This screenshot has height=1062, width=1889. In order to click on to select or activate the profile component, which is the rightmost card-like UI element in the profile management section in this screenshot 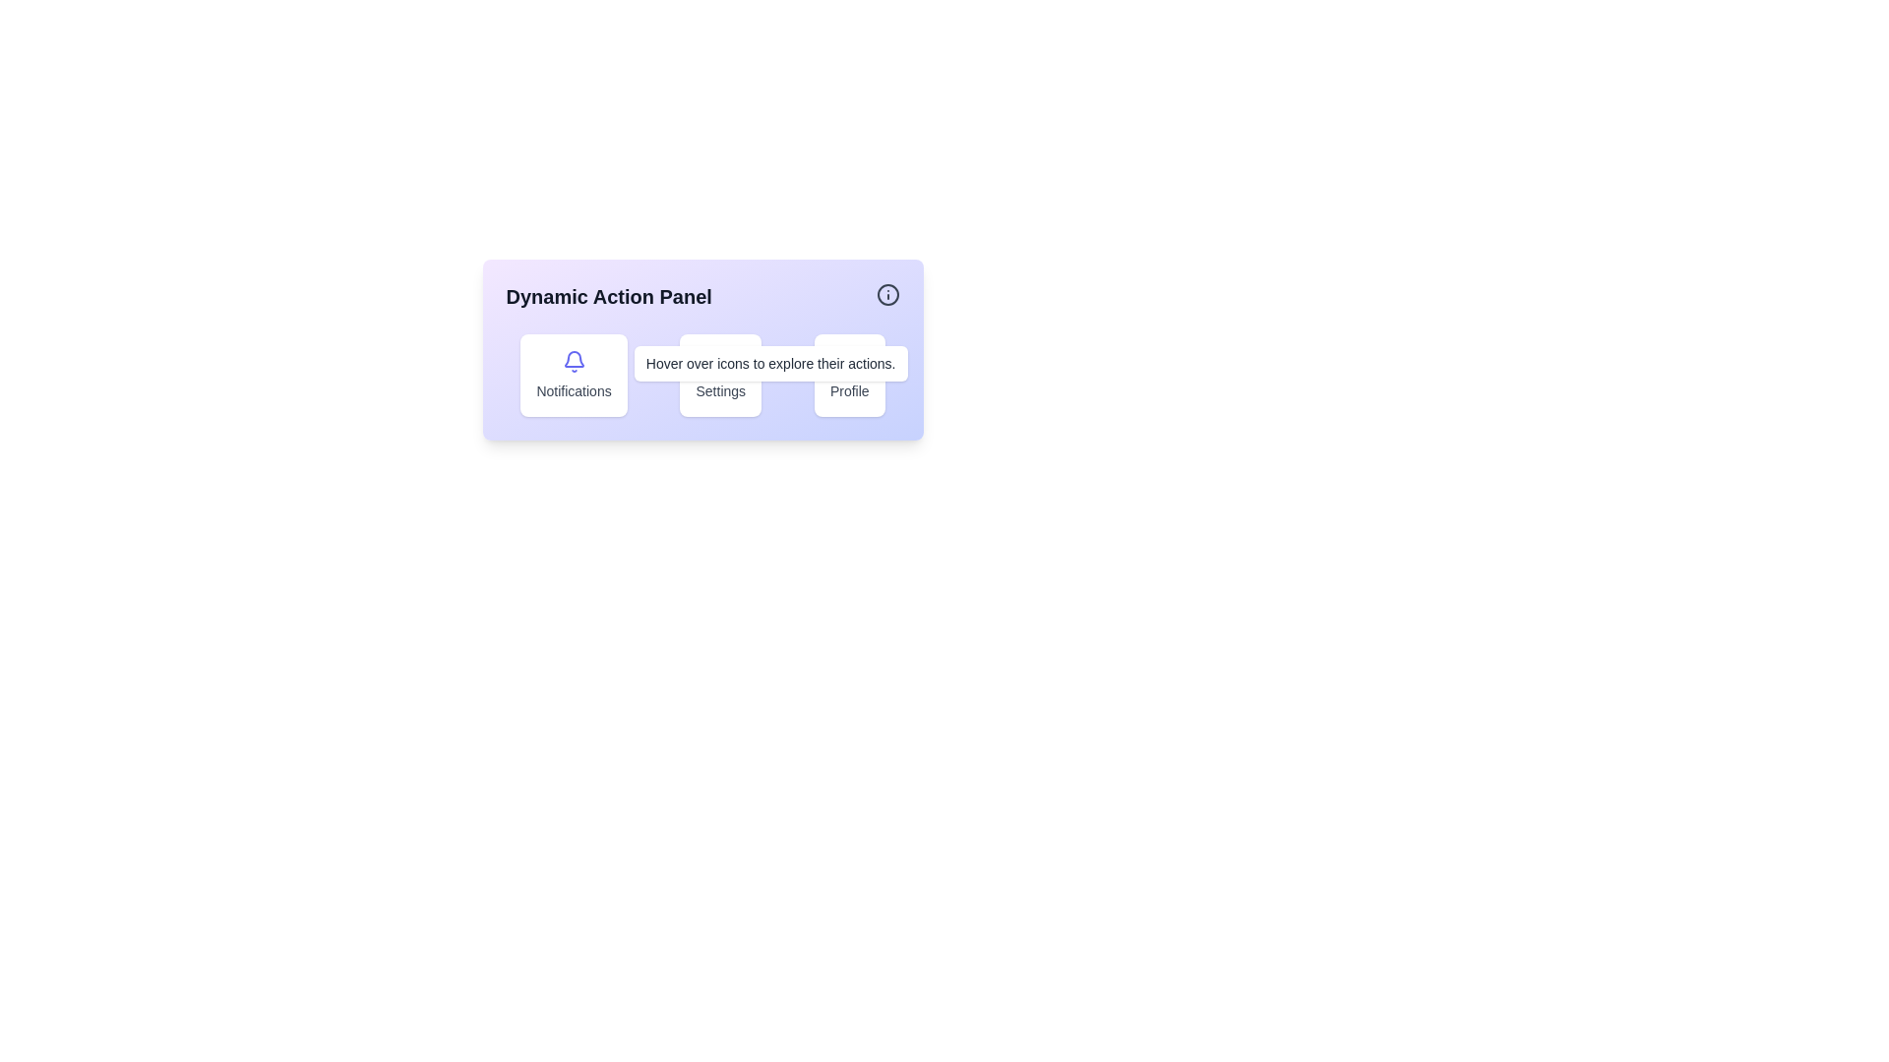, I will do `click(849, 375)`.